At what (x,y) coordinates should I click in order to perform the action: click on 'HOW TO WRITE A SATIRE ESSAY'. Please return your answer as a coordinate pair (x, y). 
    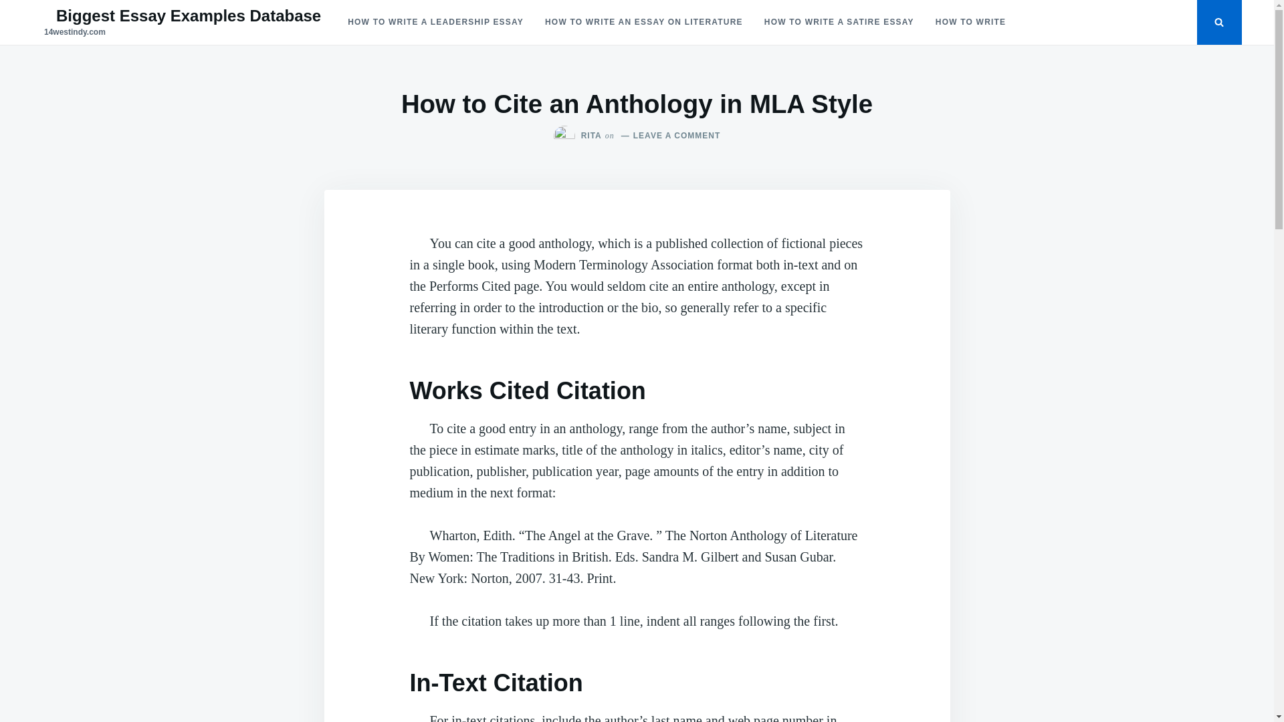
    Looking at the image, I should click on (754, 22).